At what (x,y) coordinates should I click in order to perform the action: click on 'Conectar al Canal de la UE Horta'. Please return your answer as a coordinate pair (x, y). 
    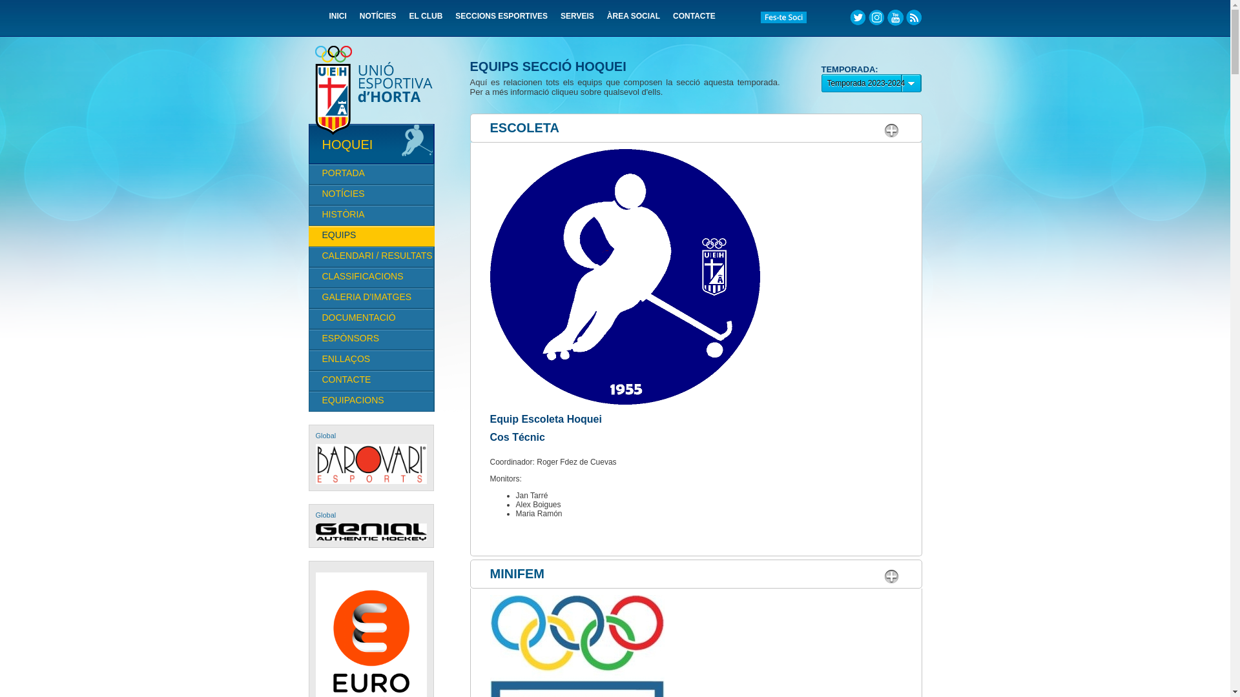
    Looking at the image, I should click on (894, 17).